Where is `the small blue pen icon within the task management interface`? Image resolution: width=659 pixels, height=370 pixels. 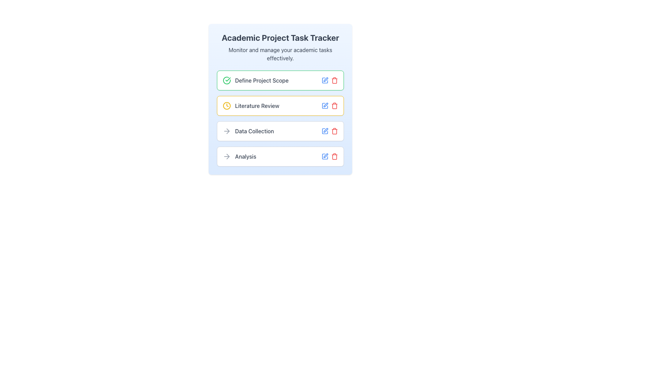
the small blue pen icon within the task management interface is located at coordinates (325, 130).